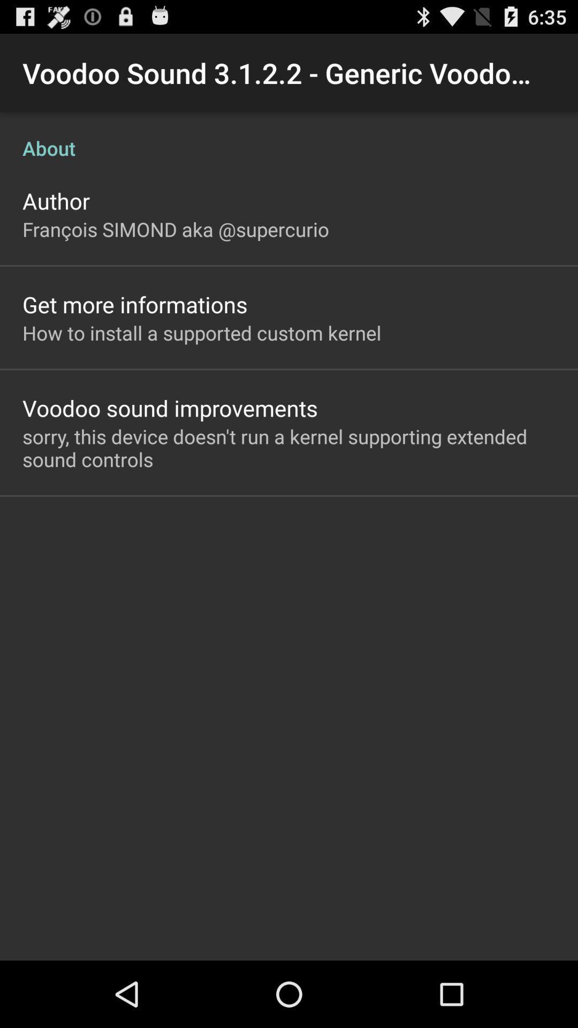  What do you see at coordinates (202, 332) in the screenshot?
I see `item below get more informations item` at bounding box center [202, 332].